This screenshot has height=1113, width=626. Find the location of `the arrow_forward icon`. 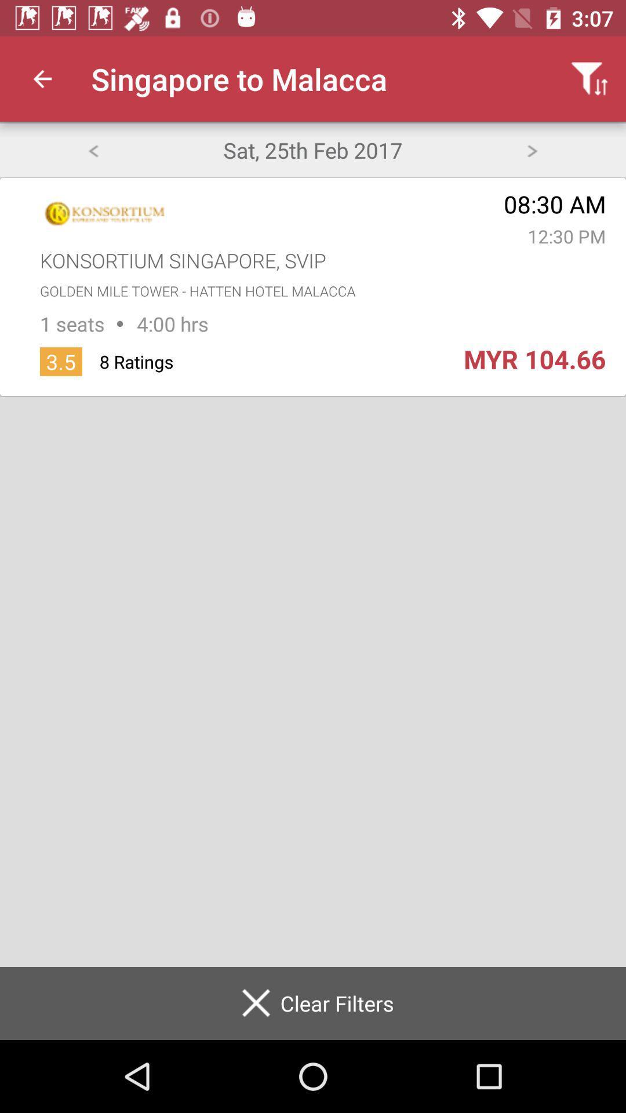

the arrow_forward icon is located at coordinates (532, 149).